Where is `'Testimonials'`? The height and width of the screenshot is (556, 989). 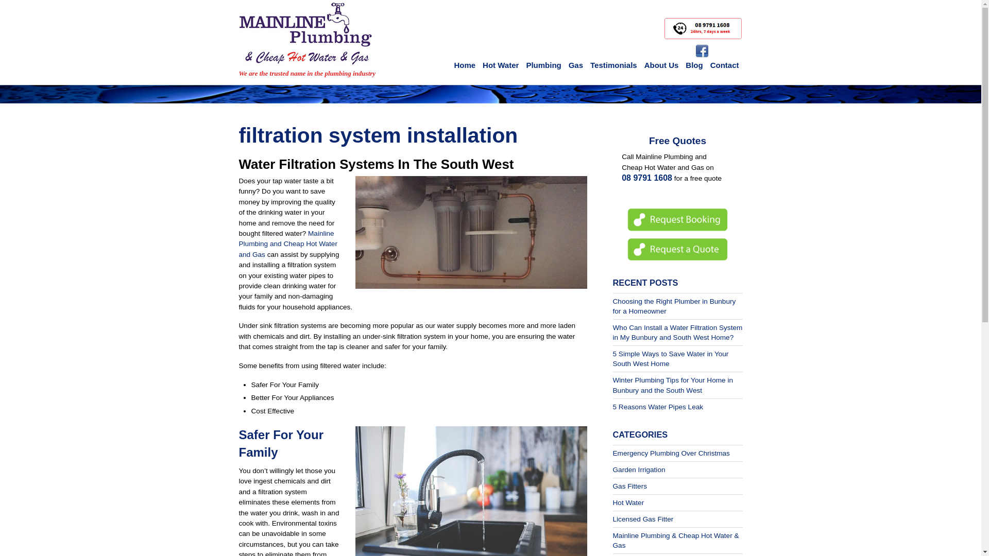
'Testimonials' is located at coordinates (613, 65).